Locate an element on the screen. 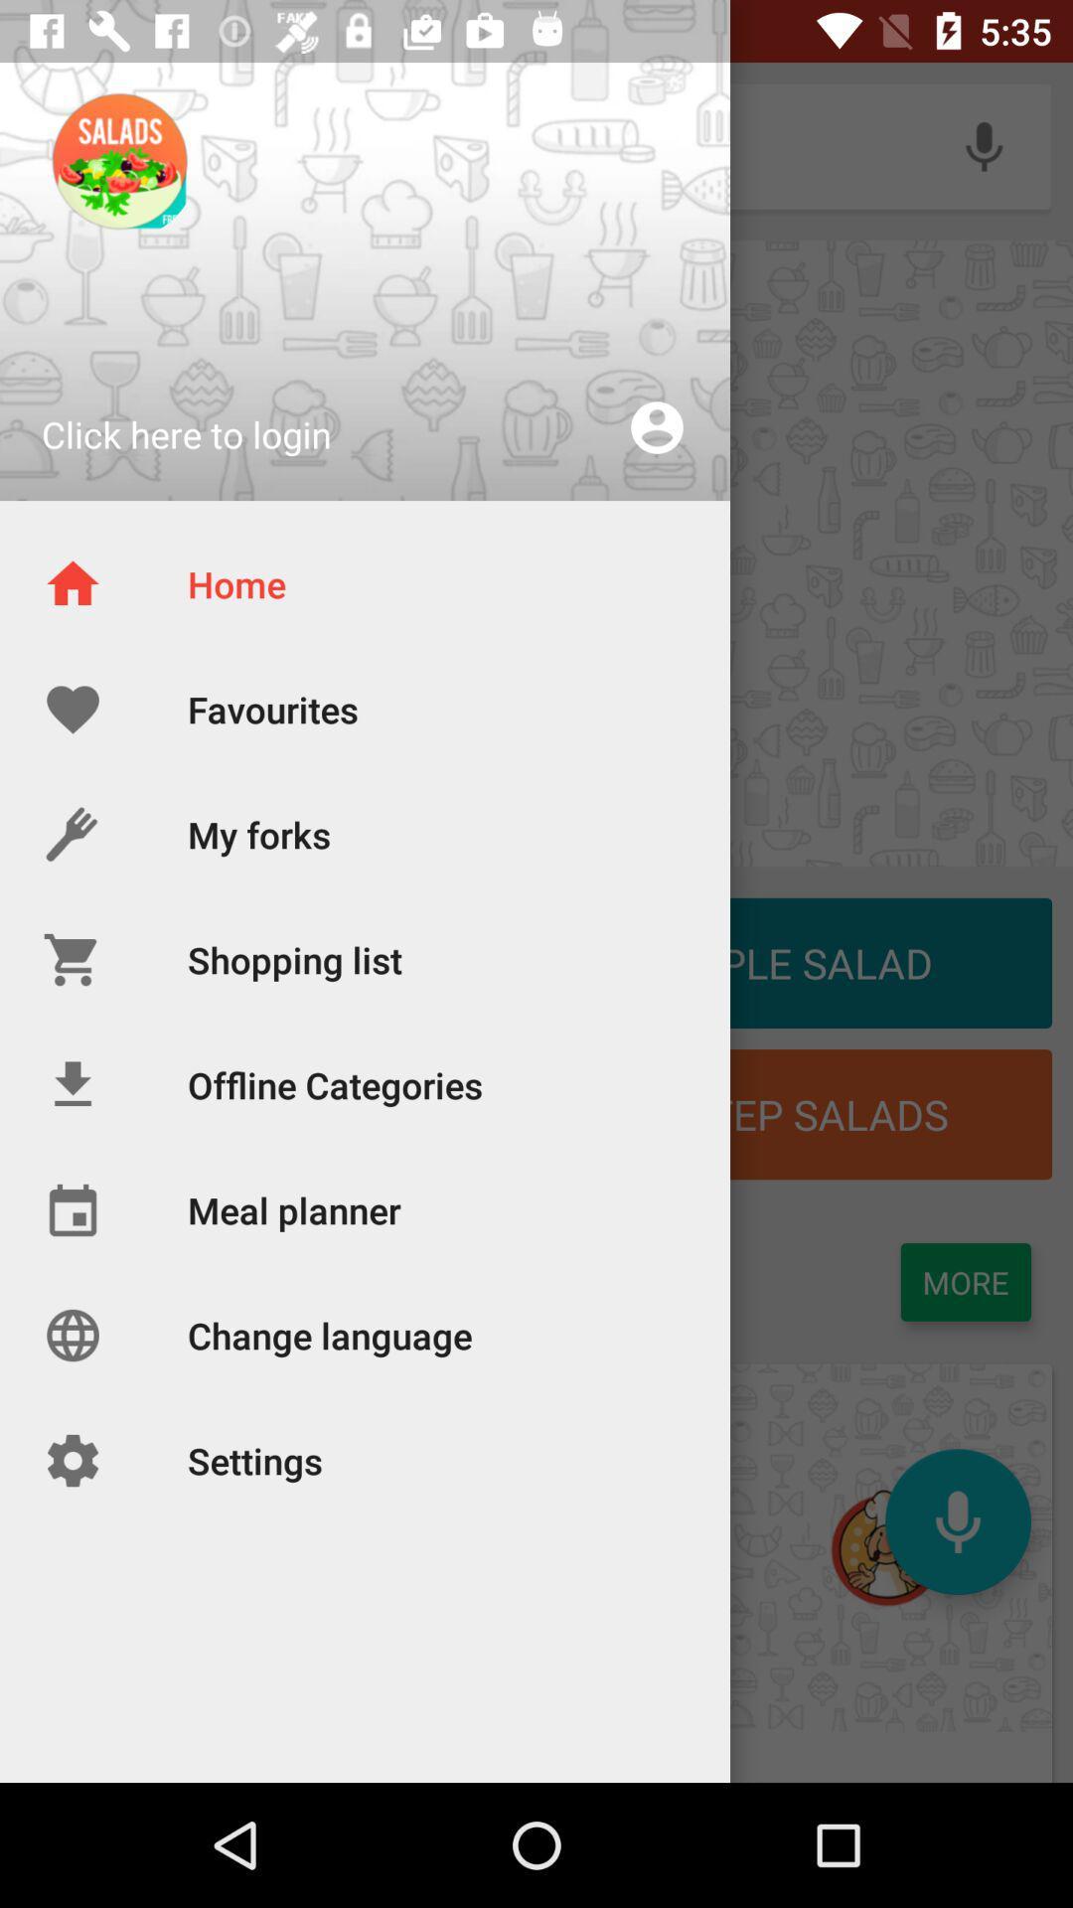  the microphone icon is located at coordinates (957, 1520).